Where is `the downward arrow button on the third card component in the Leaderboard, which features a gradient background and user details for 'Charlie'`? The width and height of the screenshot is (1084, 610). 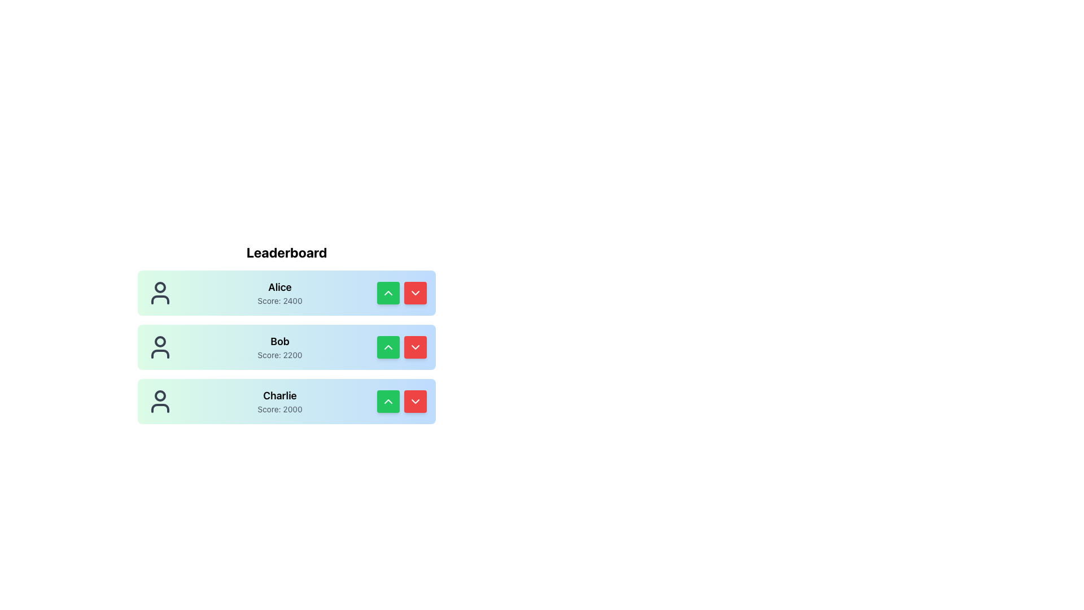
the downward arrow button on the third card component in the Leaderboard, which features a gradient background and user details for 'Charlie' is located at coordinates (287, 400).